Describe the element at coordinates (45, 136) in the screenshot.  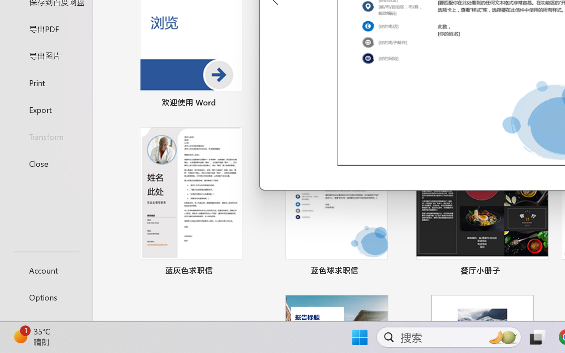
I see `'Transform'` at that location.